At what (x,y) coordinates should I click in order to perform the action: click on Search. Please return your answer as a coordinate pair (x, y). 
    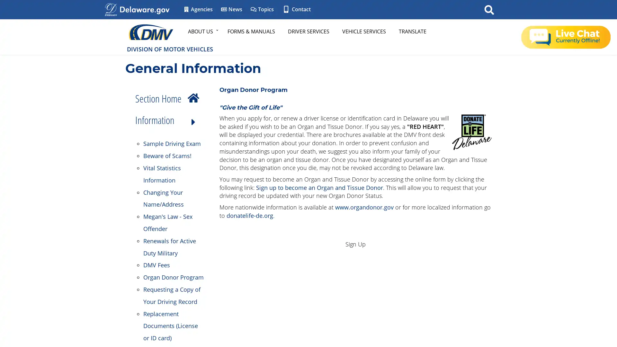
    Looking at the image, I should click on (489, 9).